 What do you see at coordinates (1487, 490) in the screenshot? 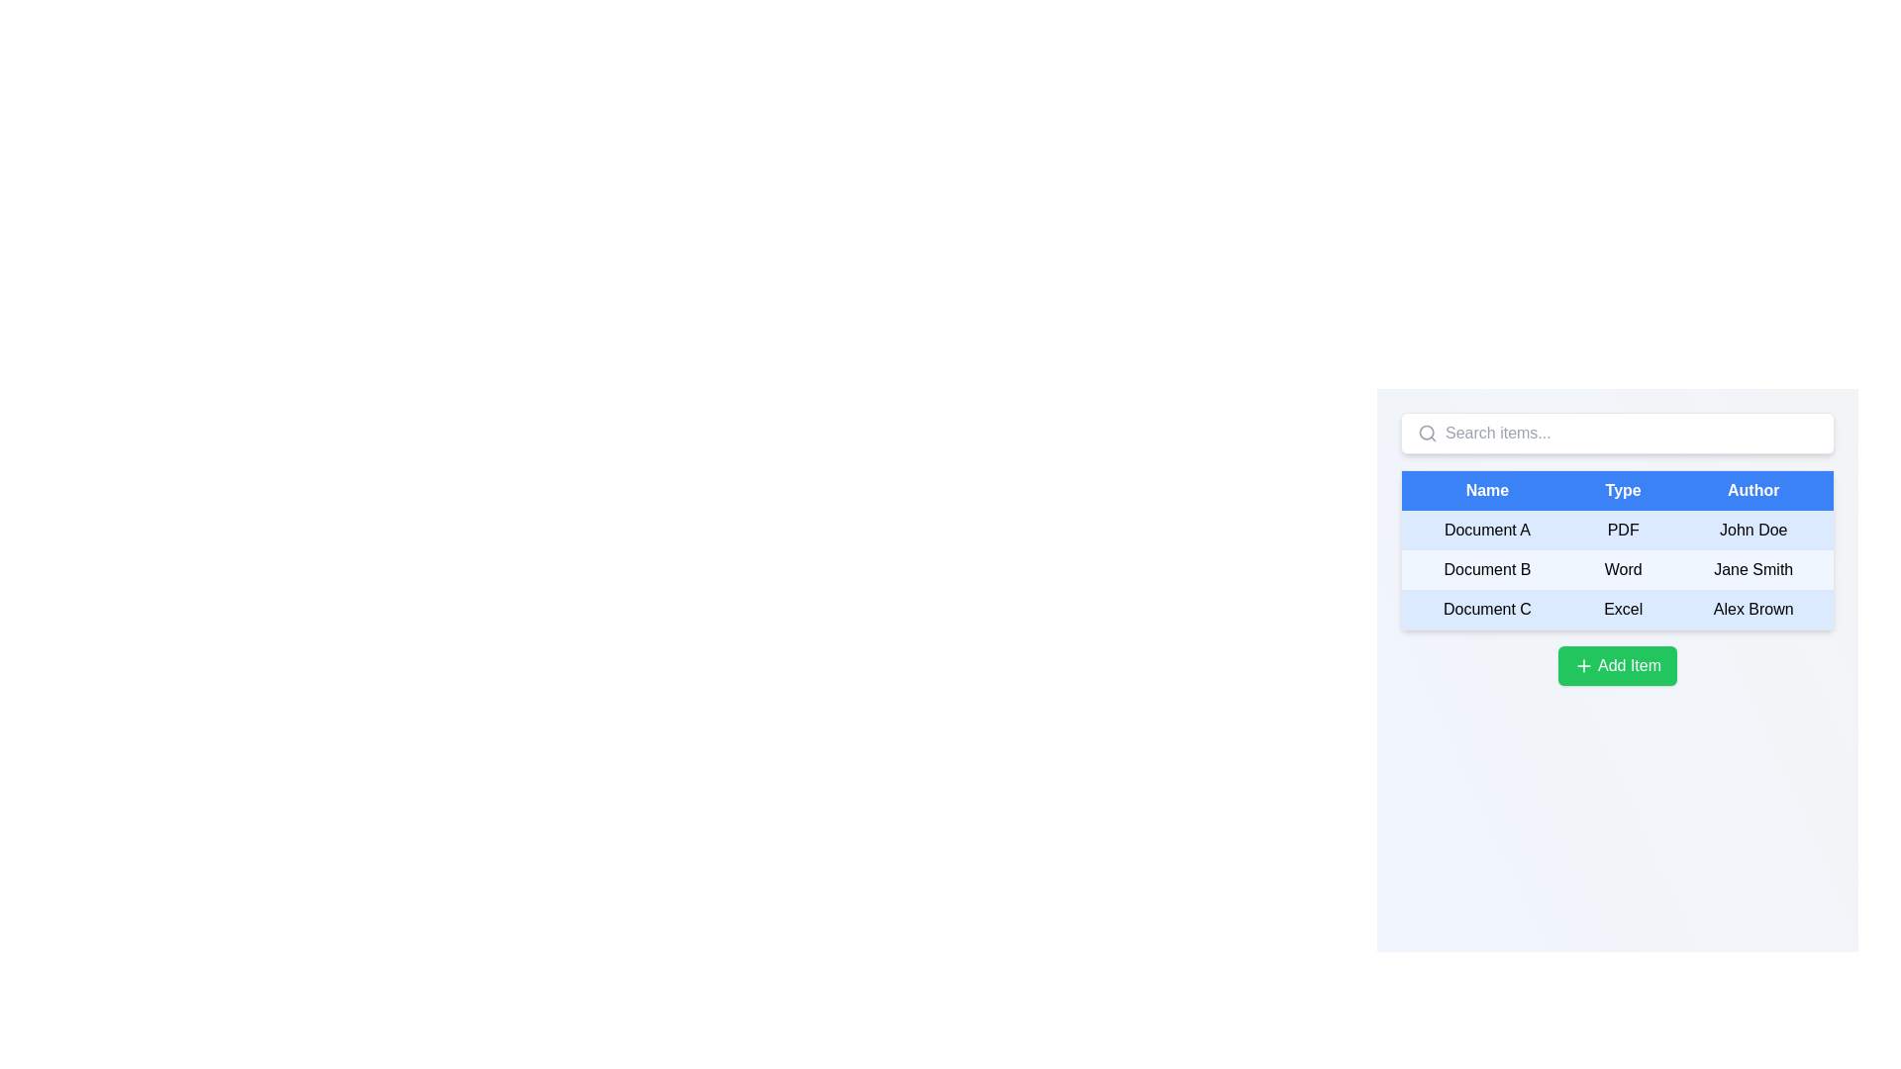
I see `the 'Name' column header in the table located in the right panel under the search bar` at bounding box center [1487, 490].